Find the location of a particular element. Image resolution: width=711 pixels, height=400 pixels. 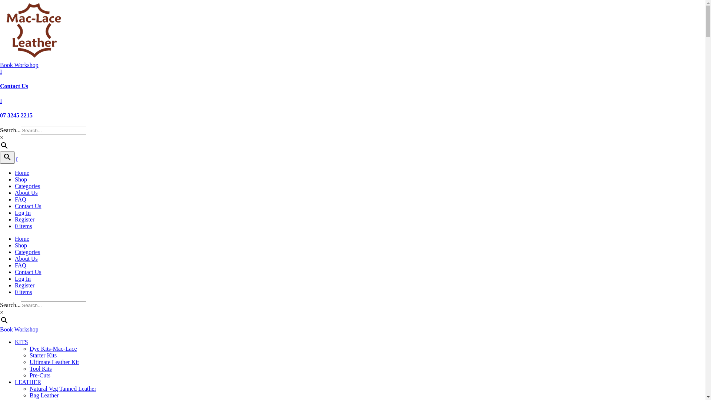

'Bag Leather' is located at coordinates (44, 395).